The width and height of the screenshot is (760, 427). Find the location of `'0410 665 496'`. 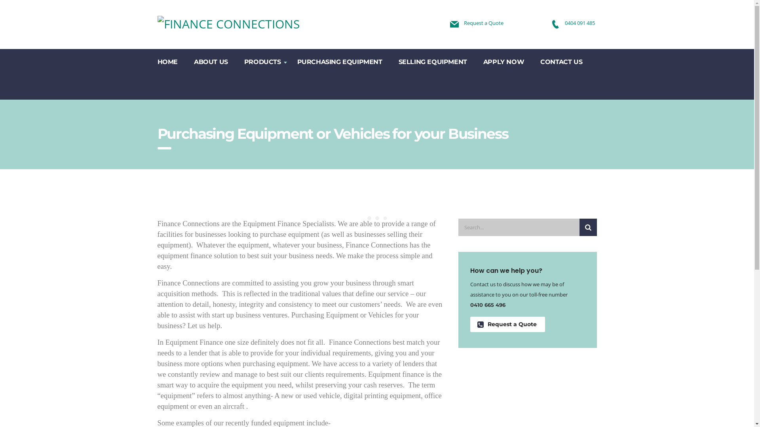

'0410 665 496' is located at coordinates (487, 304).